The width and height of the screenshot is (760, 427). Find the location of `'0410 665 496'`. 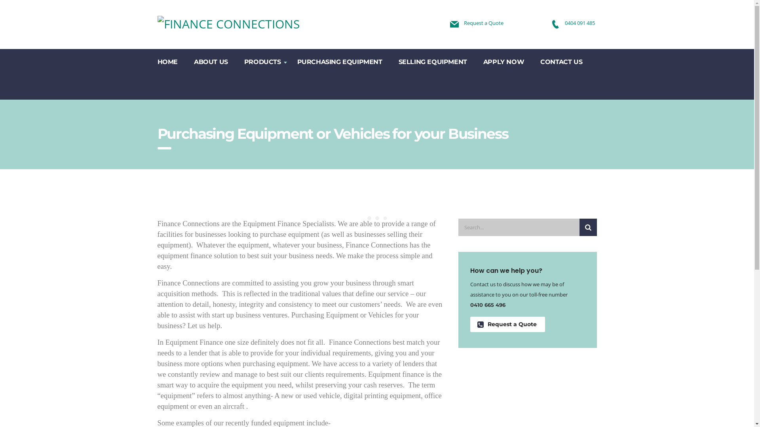

'0410 665 496' is located at coordinates (487, 304).